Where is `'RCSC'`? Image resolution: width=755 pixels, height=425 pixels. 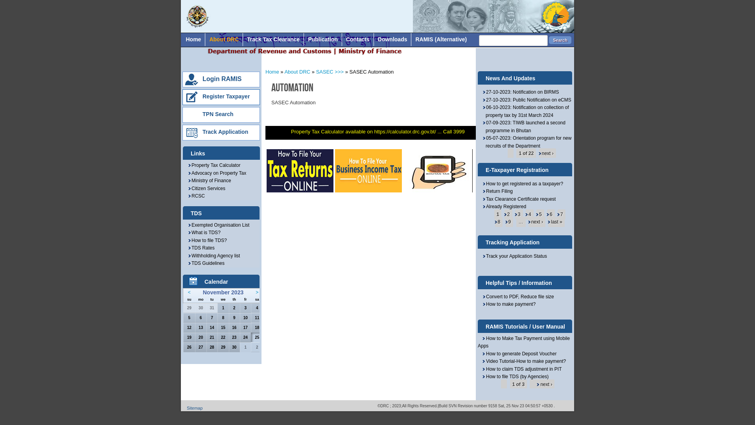 'RCSC' is located at coordinates (196, 195).